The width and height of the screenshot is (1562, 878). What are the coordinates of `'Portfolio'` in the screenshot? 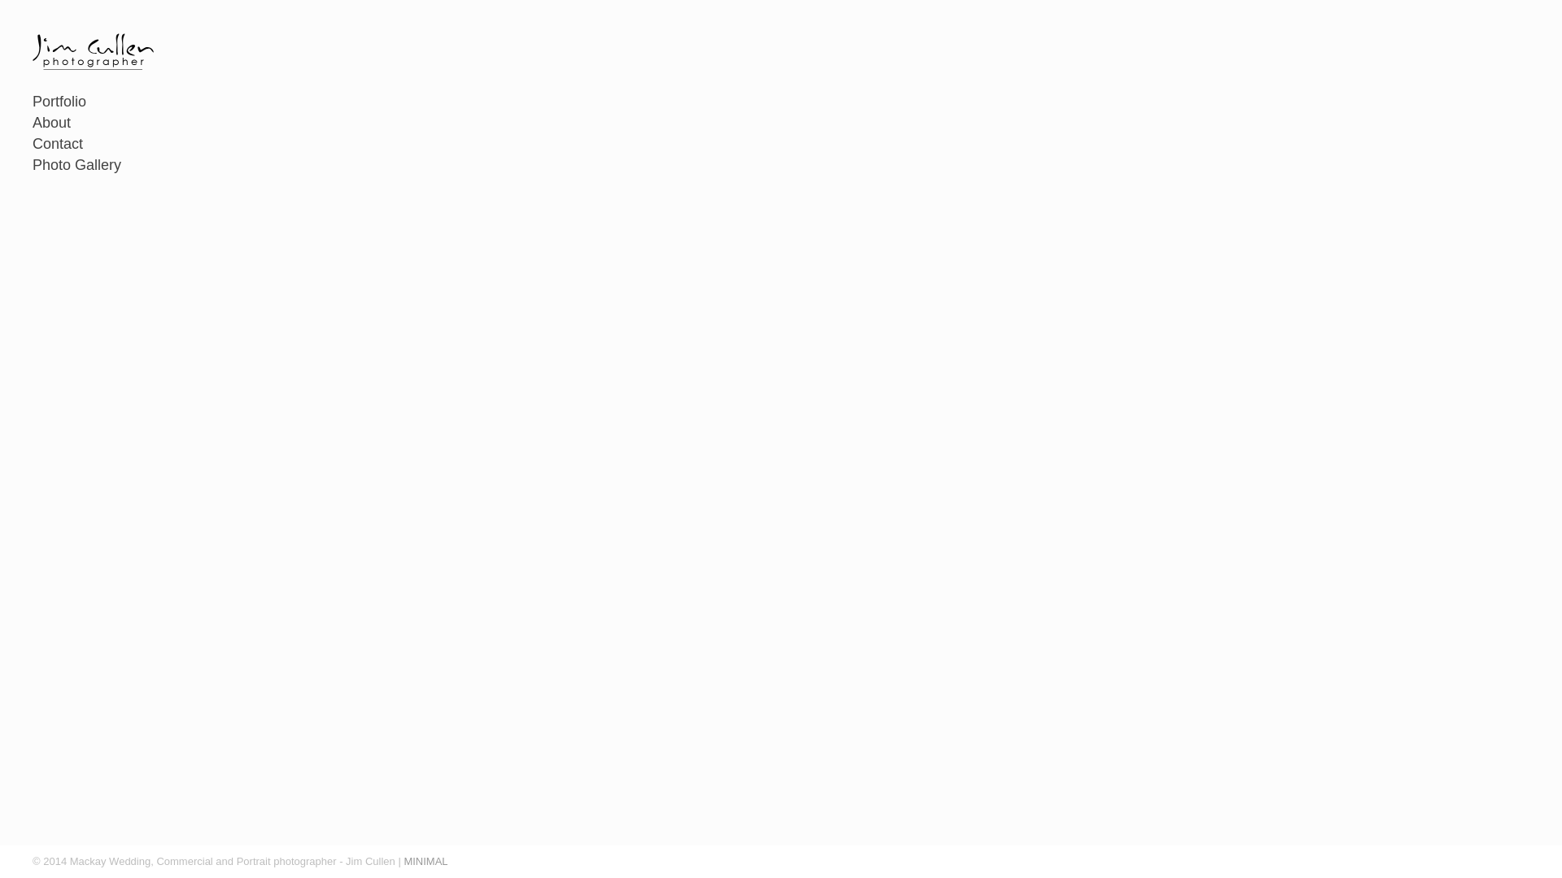 It's located at (93, 102).